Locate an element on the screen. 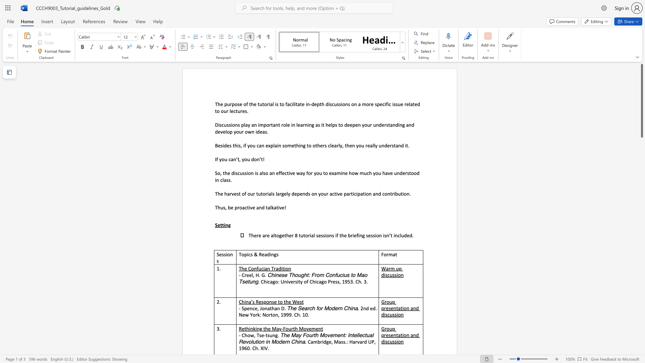 The width and height of the screenshot is (645, 363). the scrollbar to scroll the page down is located at coordinates (641, 265).